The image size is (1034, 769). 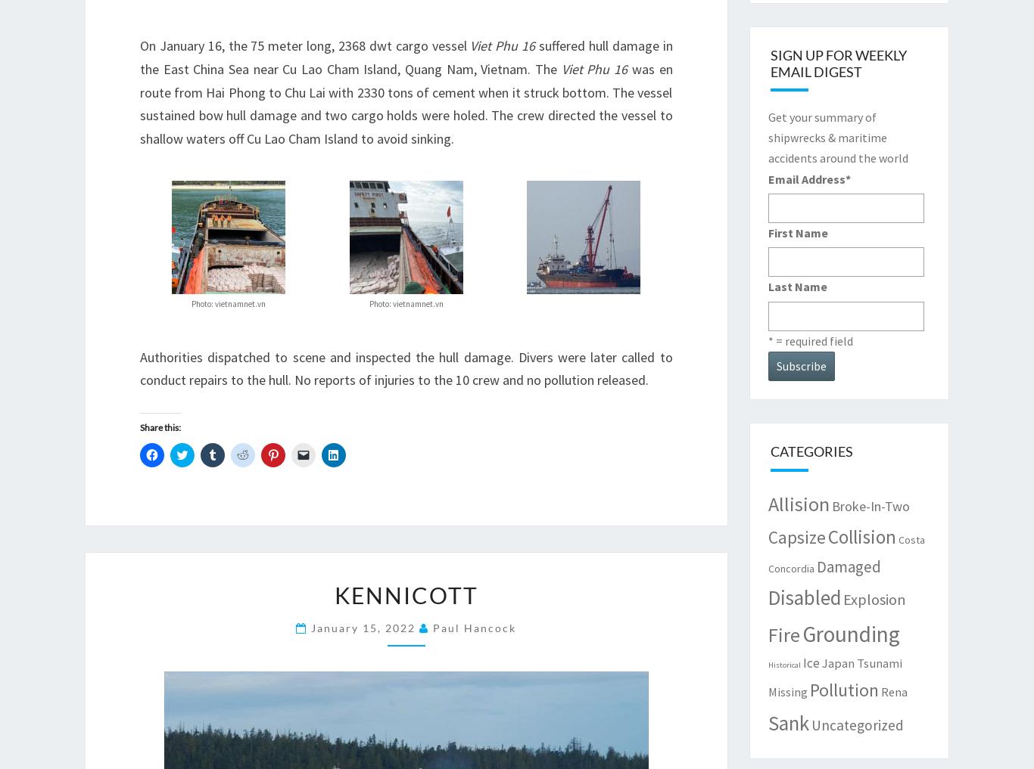 I want to click on 'Broke-In-Two', so click(x=870, y=505).